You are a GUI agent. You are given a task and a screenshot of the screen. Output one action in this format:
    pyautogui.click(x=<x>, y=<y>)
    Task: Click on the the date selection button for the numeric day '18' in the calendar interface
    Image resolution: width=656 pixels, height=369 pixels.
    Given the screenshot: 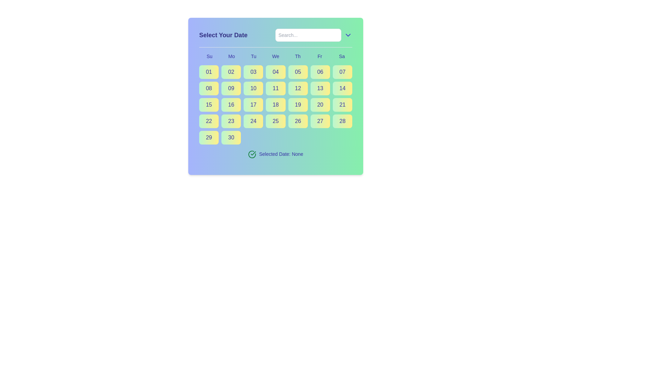 What is the action you would take?
    pyautogui.click(x=275, y=96)
    